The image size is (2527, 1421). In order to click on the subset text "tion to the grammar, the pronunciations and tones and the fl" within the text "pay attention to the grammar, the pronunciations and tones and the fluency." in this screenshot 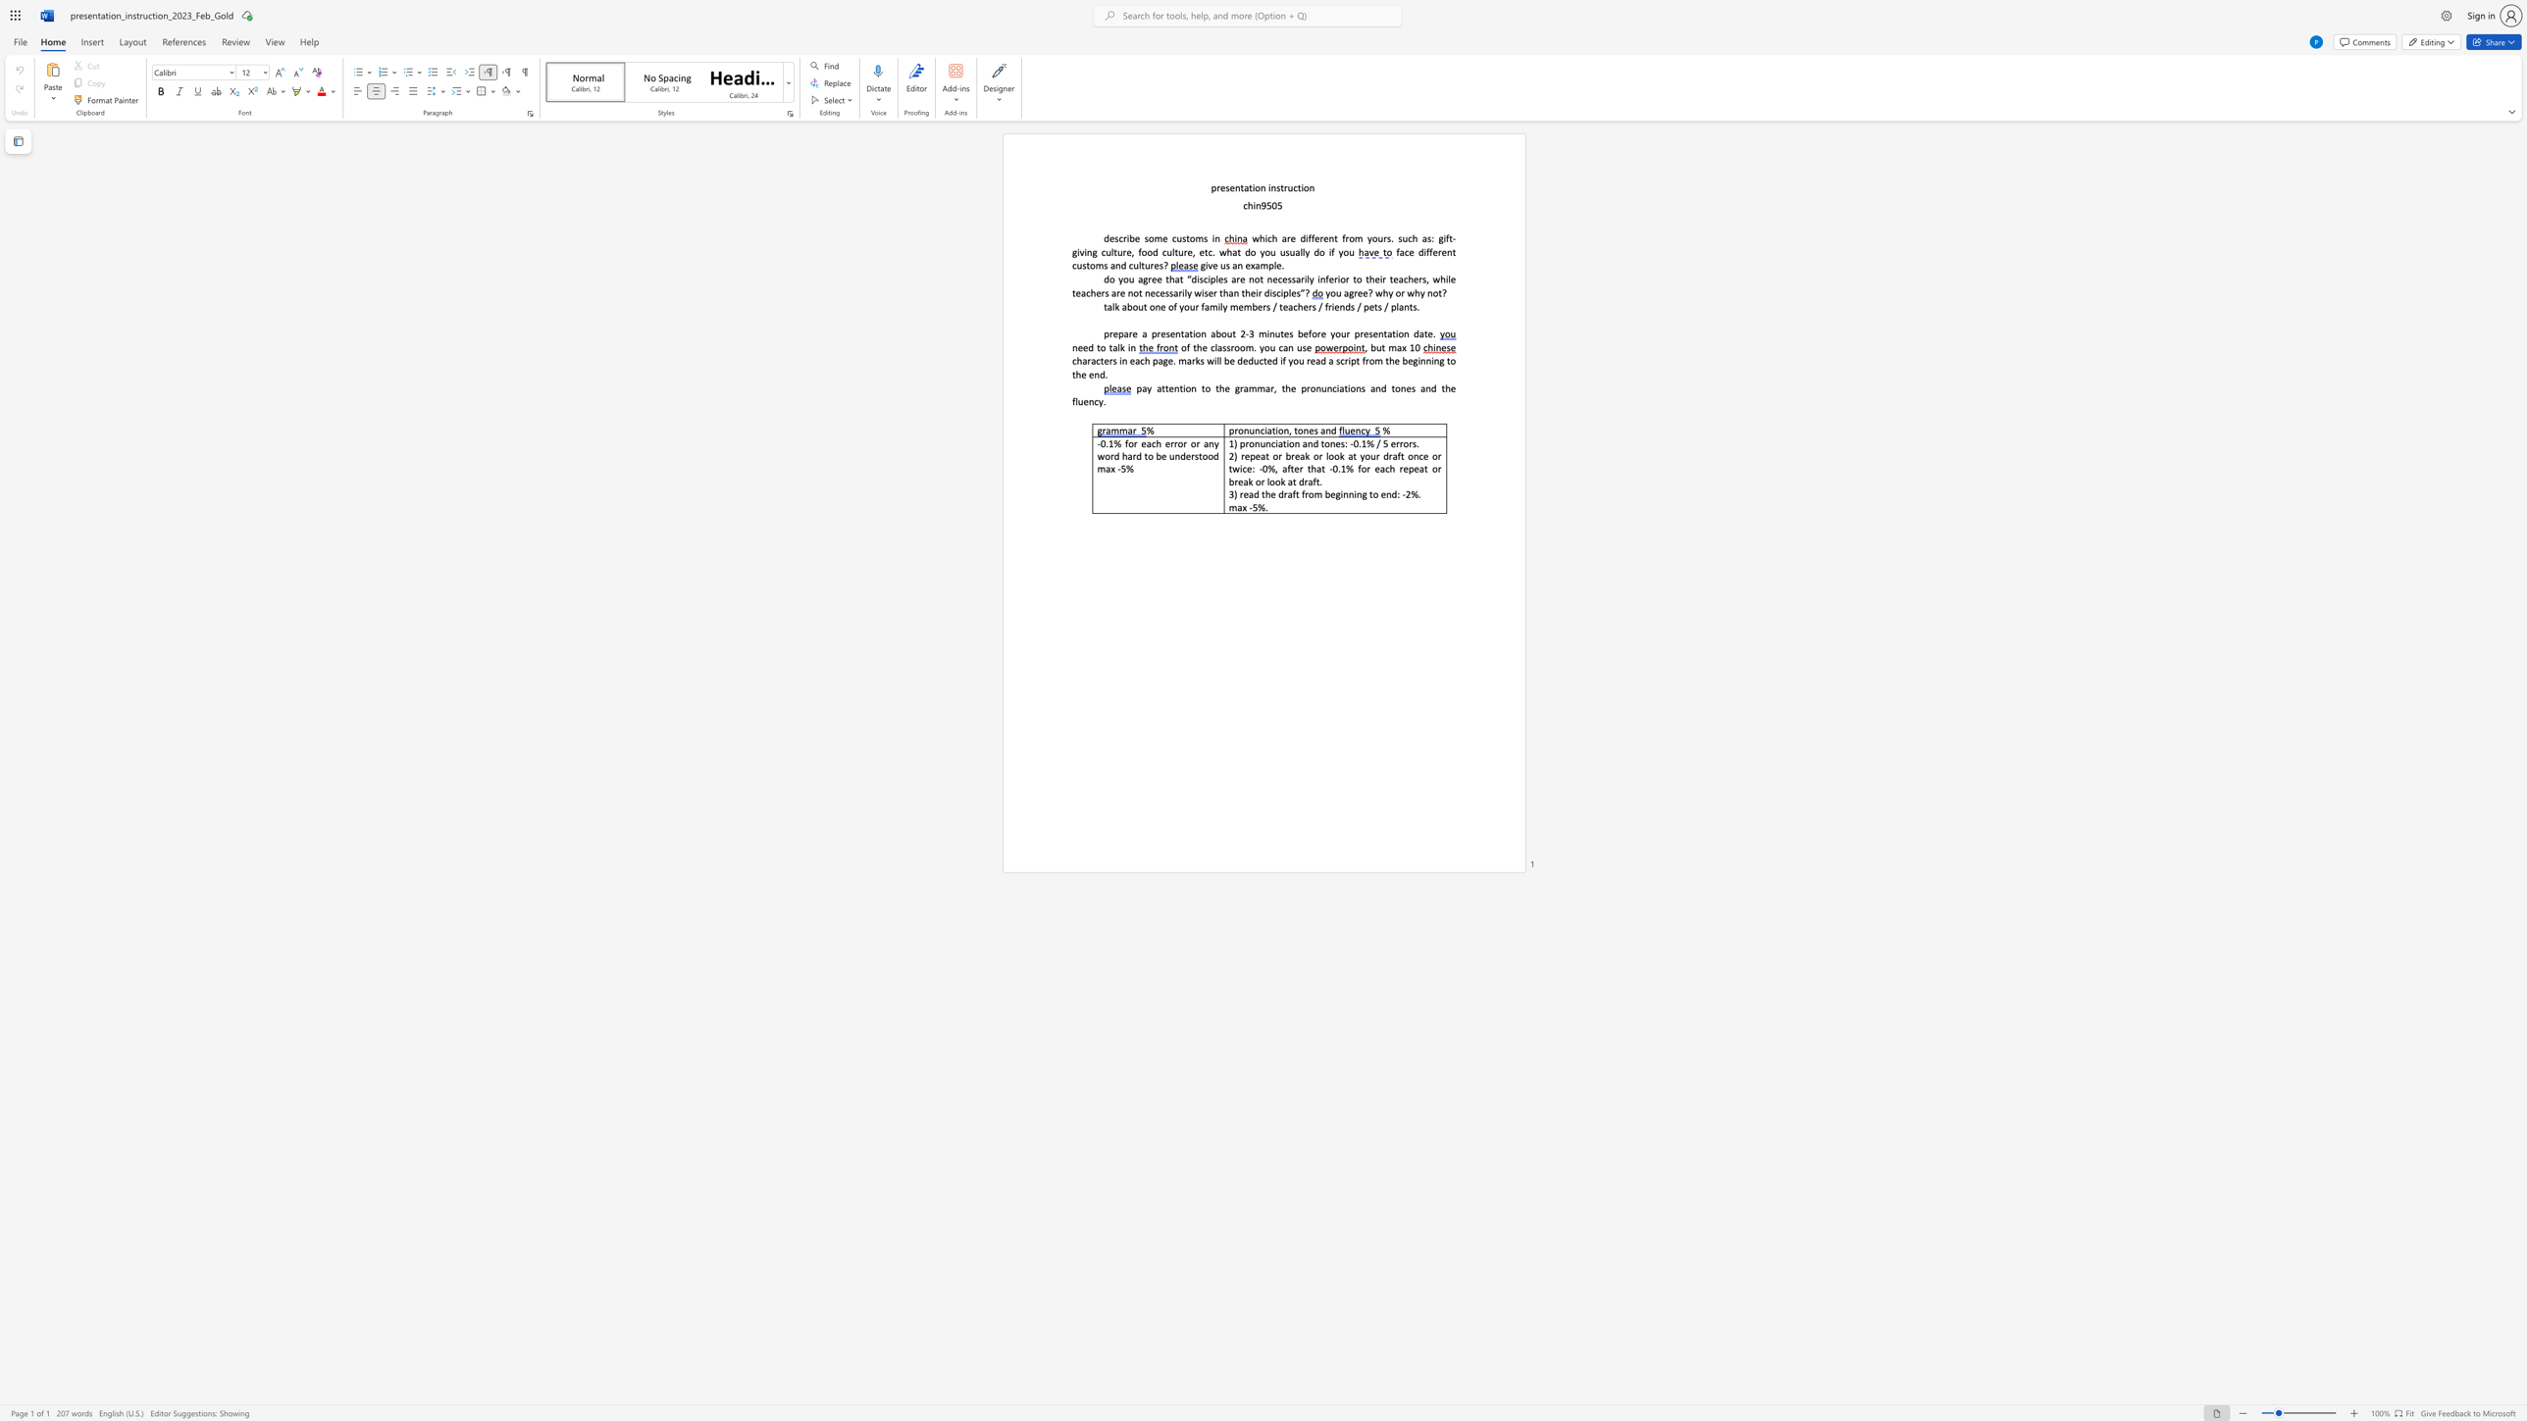, I will do `click(1178, 387)`.